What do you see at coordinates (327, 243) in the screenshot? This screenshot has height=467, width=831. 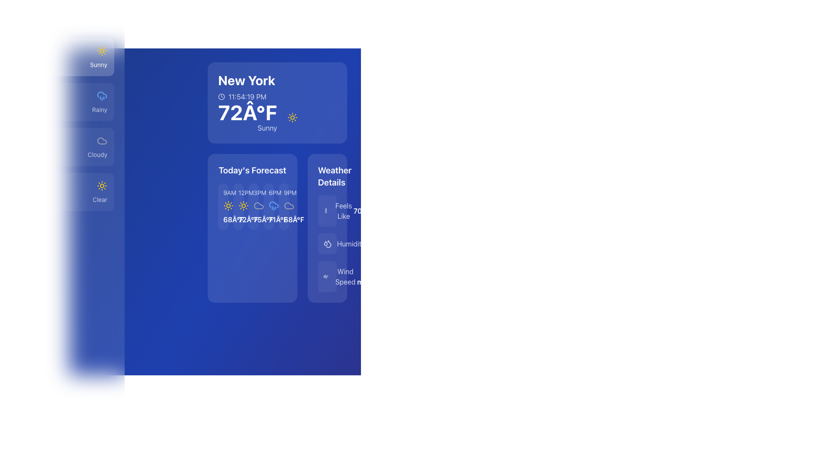 I see `the icon representing multiple water droplets, which is located in the 'Humidity' section of the 'Weather Details' panel on the right half of the interface` at bounding box center [327, 243].